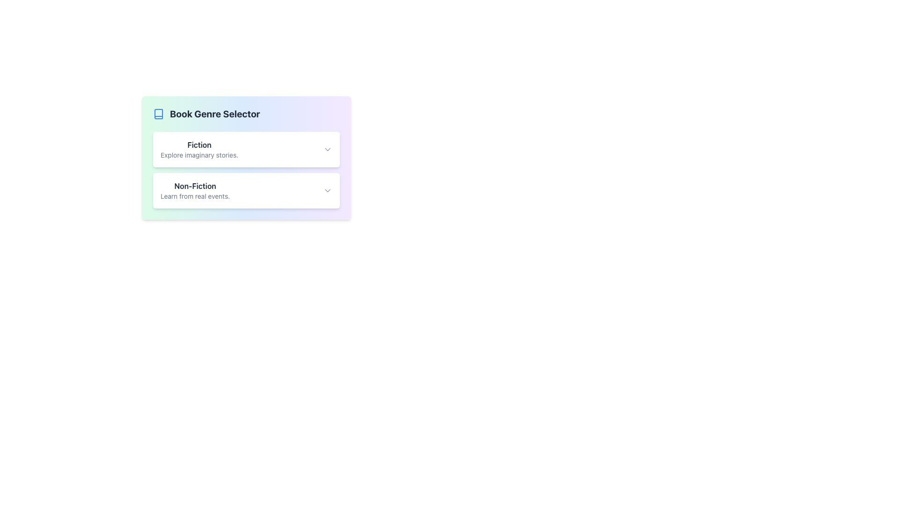  I want to click on the static text label indicating the purpose or title of the book genre selector section, which is located to the right of a blue book icon, so click(214, 113).